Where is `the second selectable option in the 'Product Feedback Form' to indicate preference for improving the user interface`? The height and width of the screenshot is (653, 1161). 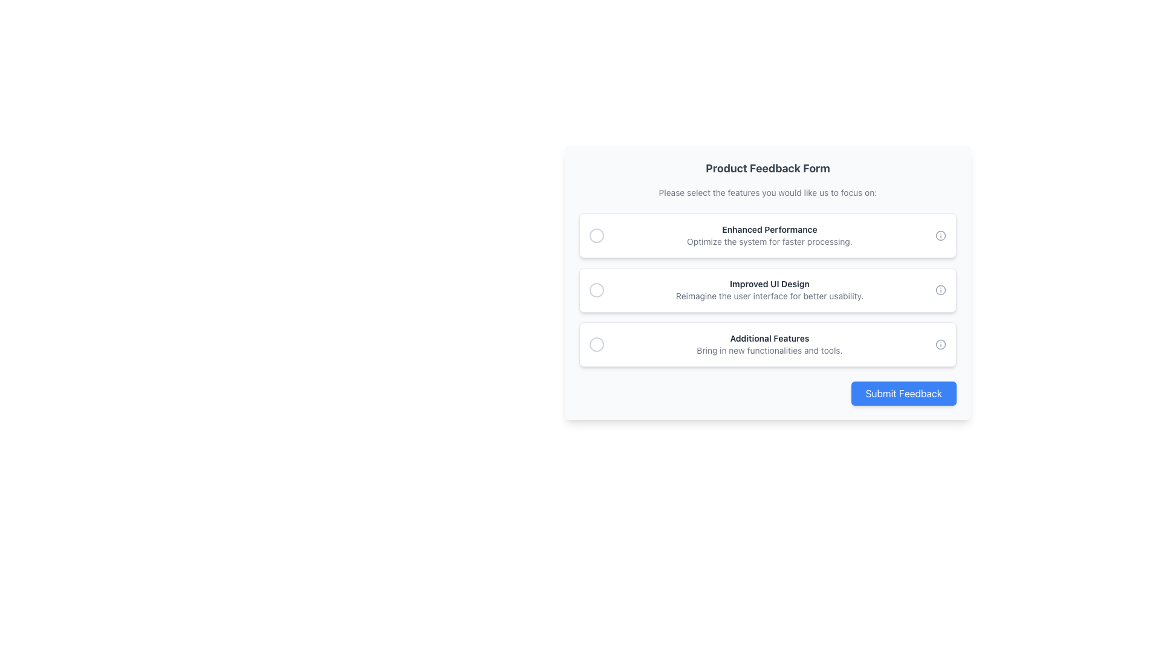
the second selectable option in the 'Product Feedback Form' to indicate preference for improving the user interface is located at coordinates (767, 290).